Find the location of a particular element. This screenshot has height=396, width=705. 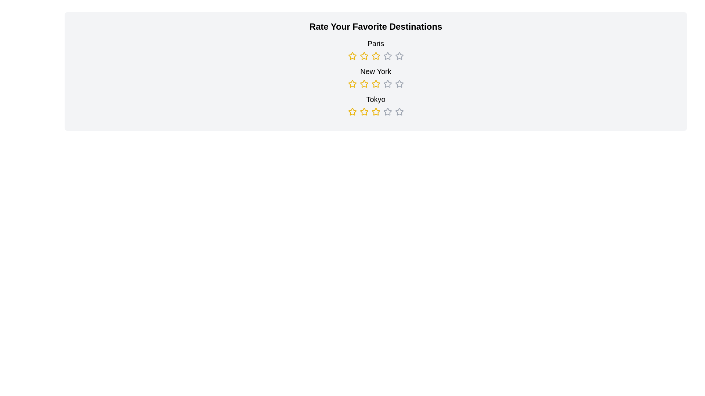

the fourth star in the rating row for 'New York' is located at coordinates (376, 83).